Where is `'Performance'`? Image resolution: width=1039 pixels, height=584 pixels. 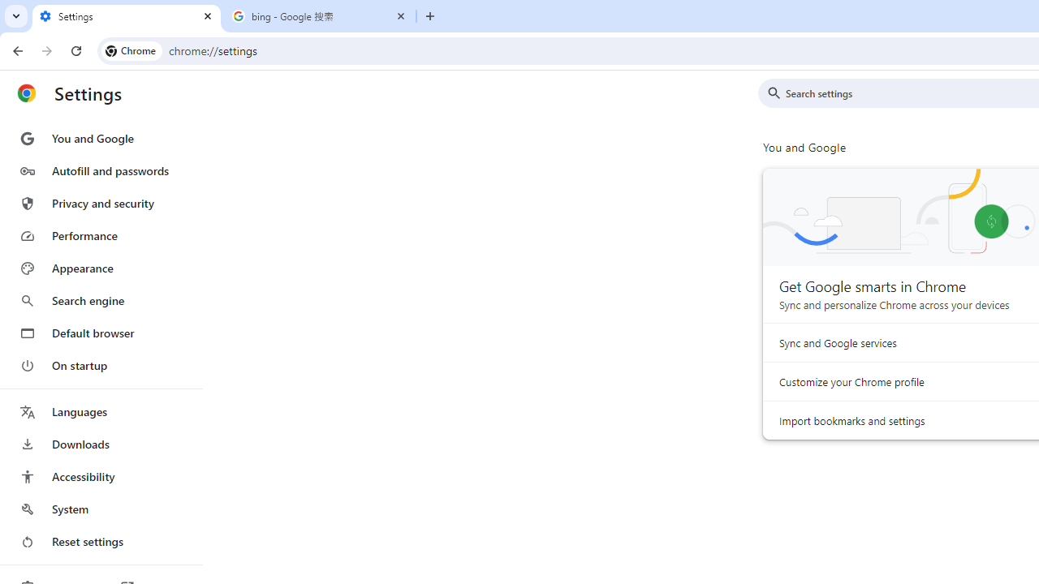
'Performance' is located at coordinates (100, 235).